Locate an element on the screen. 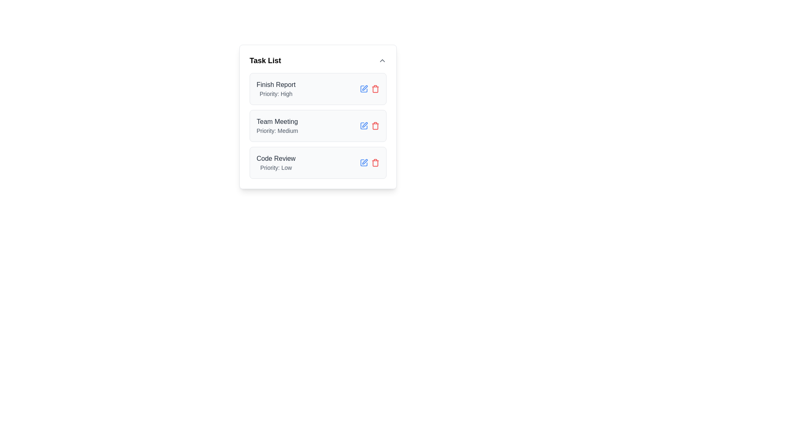 Image resolution: width=787 pixels, height=443 pixels. the 'Low' priority status text label located beneath the 'Code Review' label in the task card is located at coordinates (276, 167).